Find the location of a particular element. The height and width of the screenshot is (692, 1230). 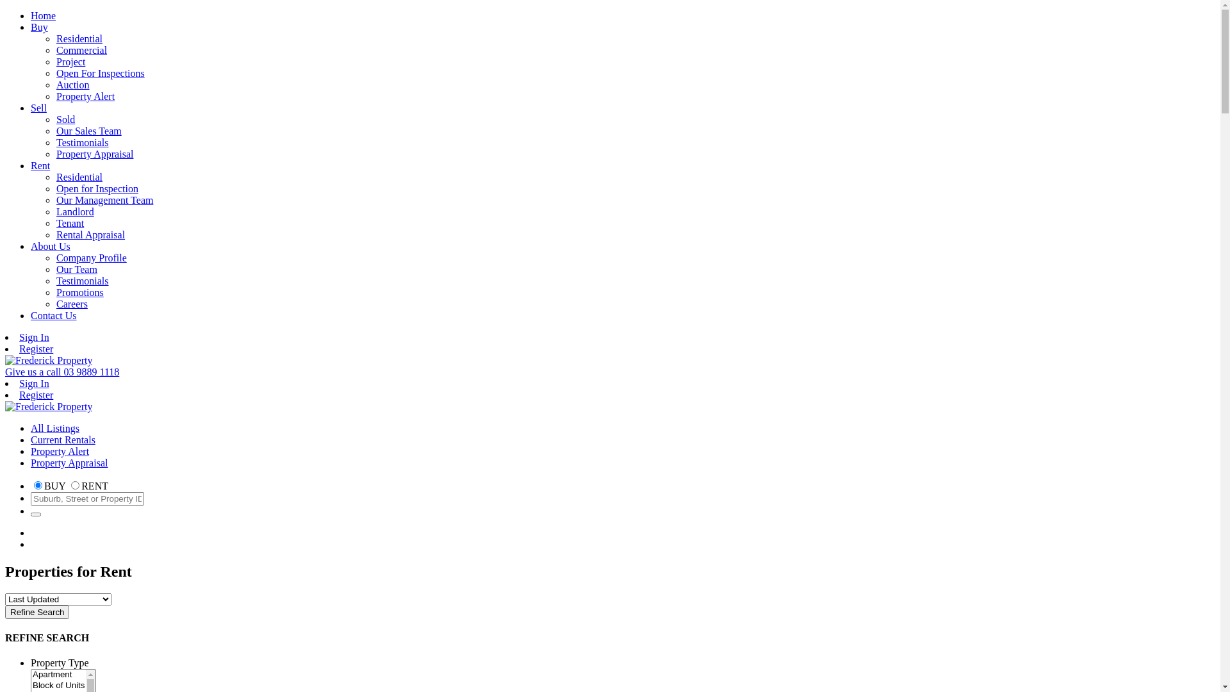

'Our Team' is located at coordinates (76, 268).